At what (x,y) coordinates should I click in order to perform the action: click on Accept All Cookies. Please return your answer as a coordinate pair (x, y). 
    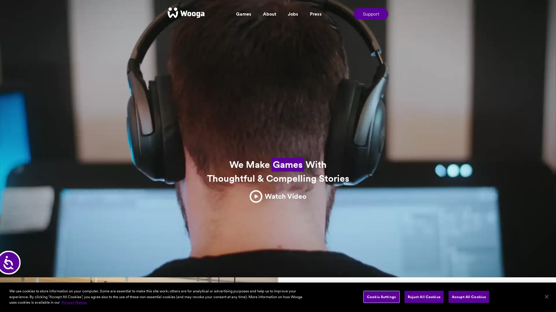
    Looking at the image, I should click on (469, 296).